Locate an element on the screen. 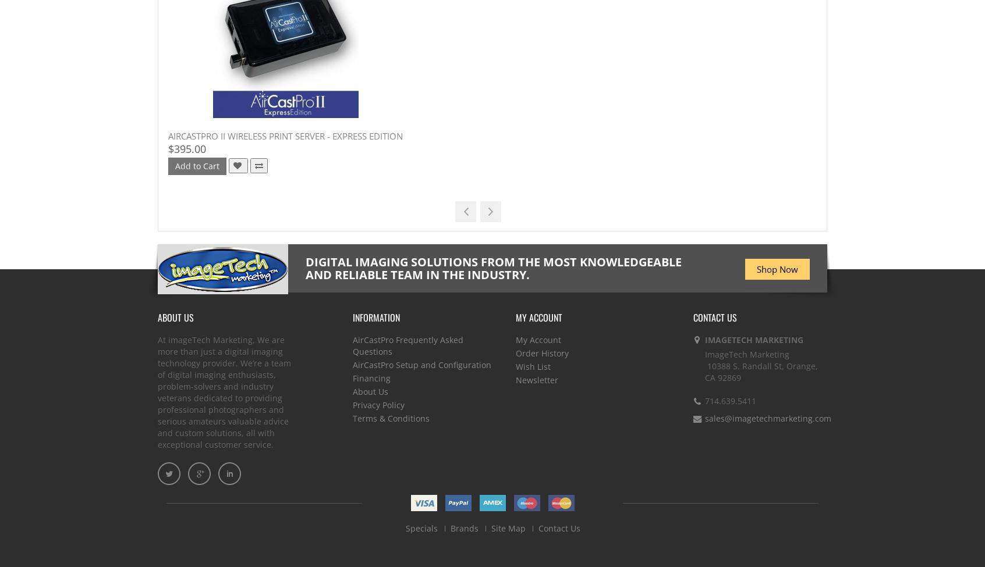 This screenshot has height=567, width=985. '$395.00' is located at coordinates (186, 148).